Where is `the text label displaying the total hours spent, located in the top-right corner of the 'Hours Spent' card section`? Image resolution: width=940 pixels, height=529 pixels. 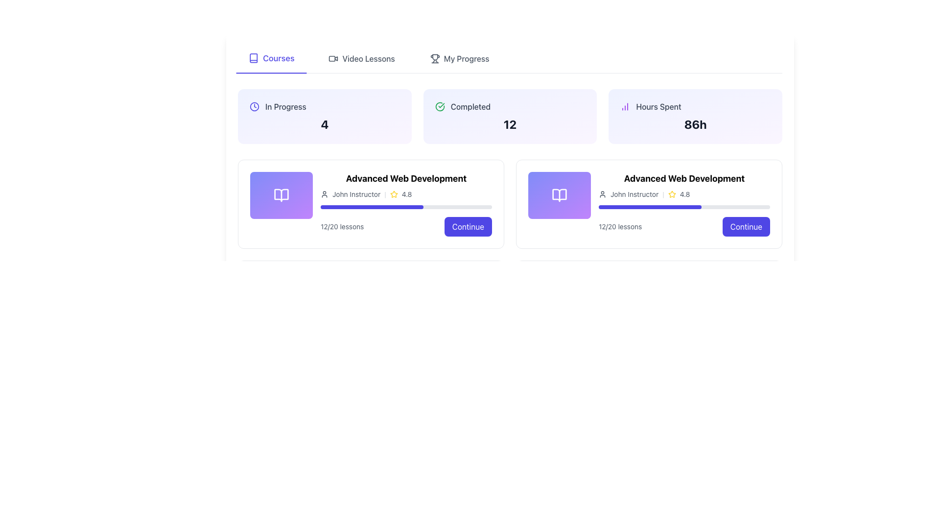
the text label displaying the total hours spent, located in the top-right corner of the 'Hours Spent' card section is located at coordinates (695, 124).